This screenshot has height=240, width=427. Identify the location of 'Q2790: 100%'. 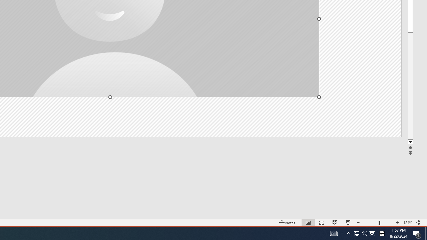
(364, 233).